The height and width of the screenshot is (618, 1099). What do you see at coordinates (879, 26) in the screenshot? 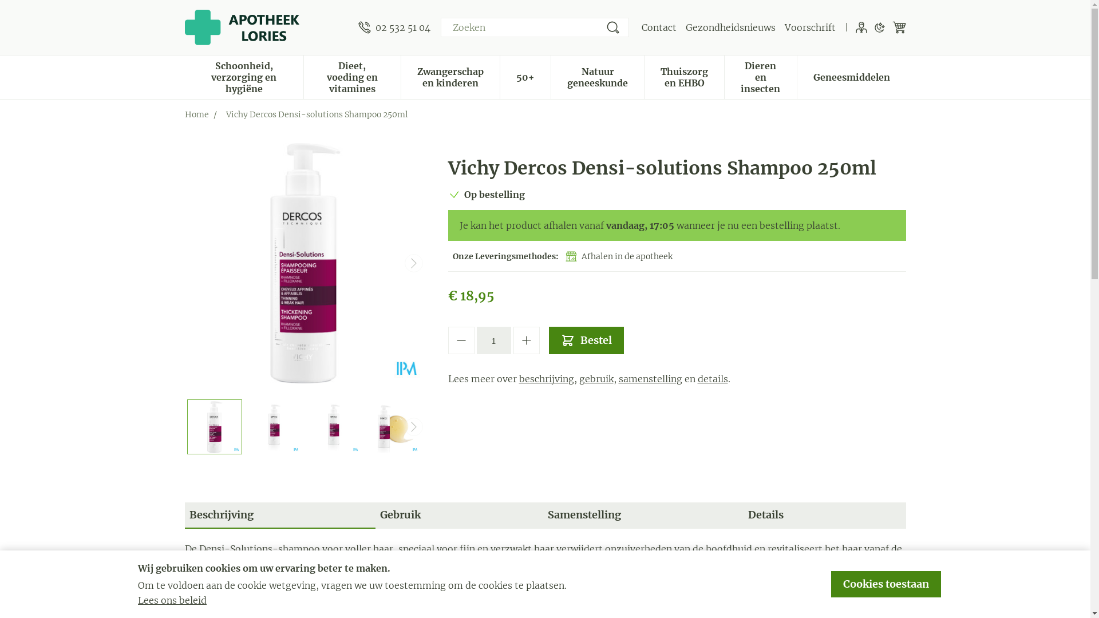
I see `'Donkere modus'` at bounding box center [879, 26].